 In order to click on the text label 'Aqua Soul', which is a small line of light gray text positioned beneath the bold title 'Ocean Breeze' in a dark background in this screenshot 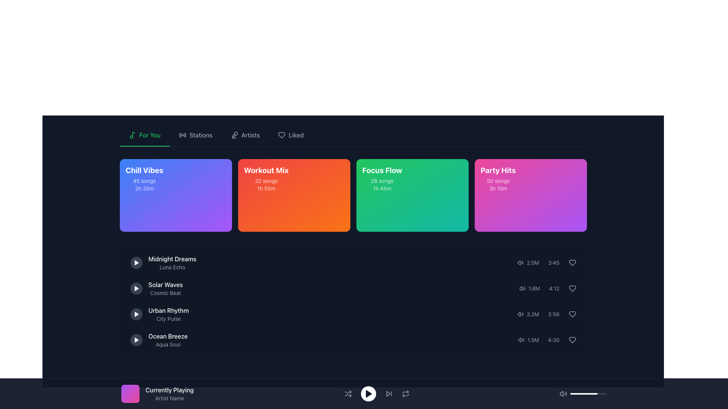, I will do `click(168, 345)`.